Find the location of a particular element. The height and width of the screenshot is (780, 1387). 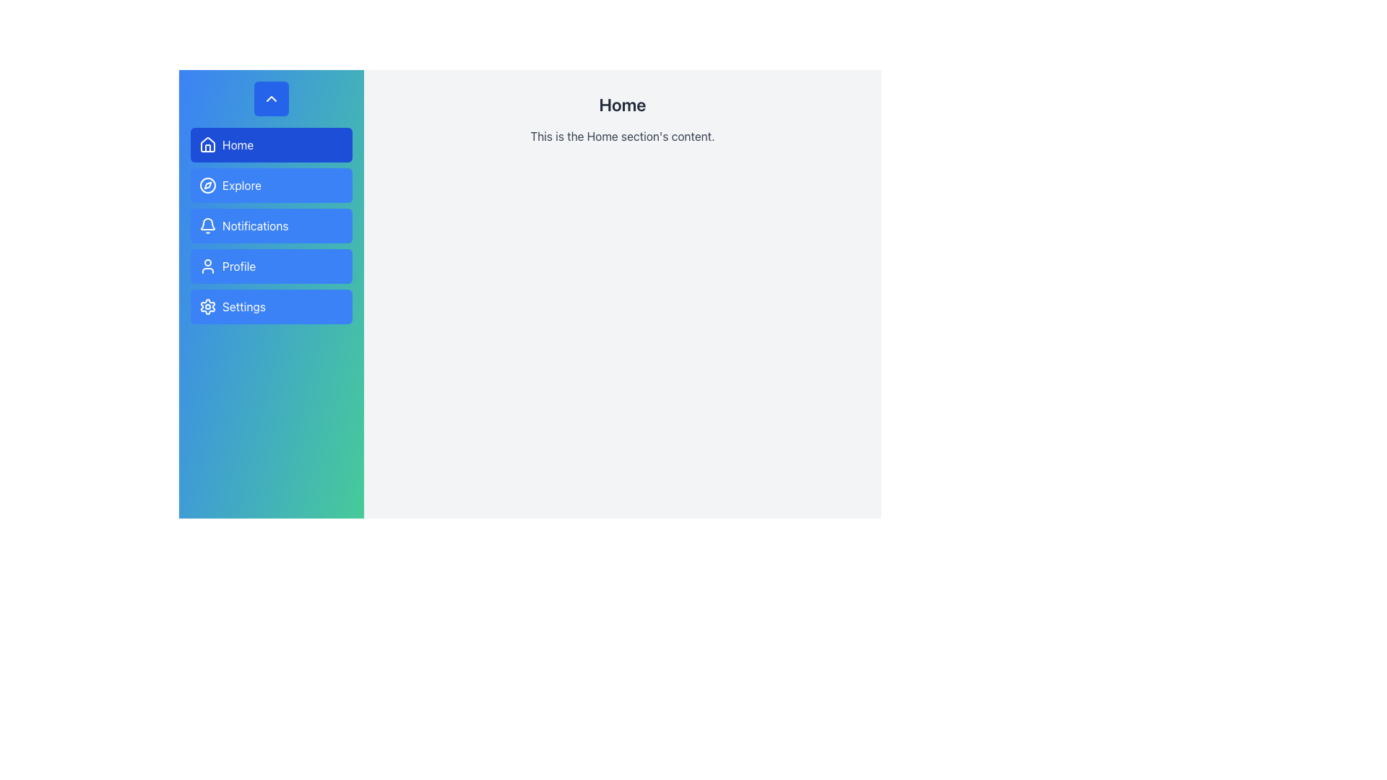

the Notifications bell icon located in the navigation panel on the left side of the UI is located at coordinates (207, 224).